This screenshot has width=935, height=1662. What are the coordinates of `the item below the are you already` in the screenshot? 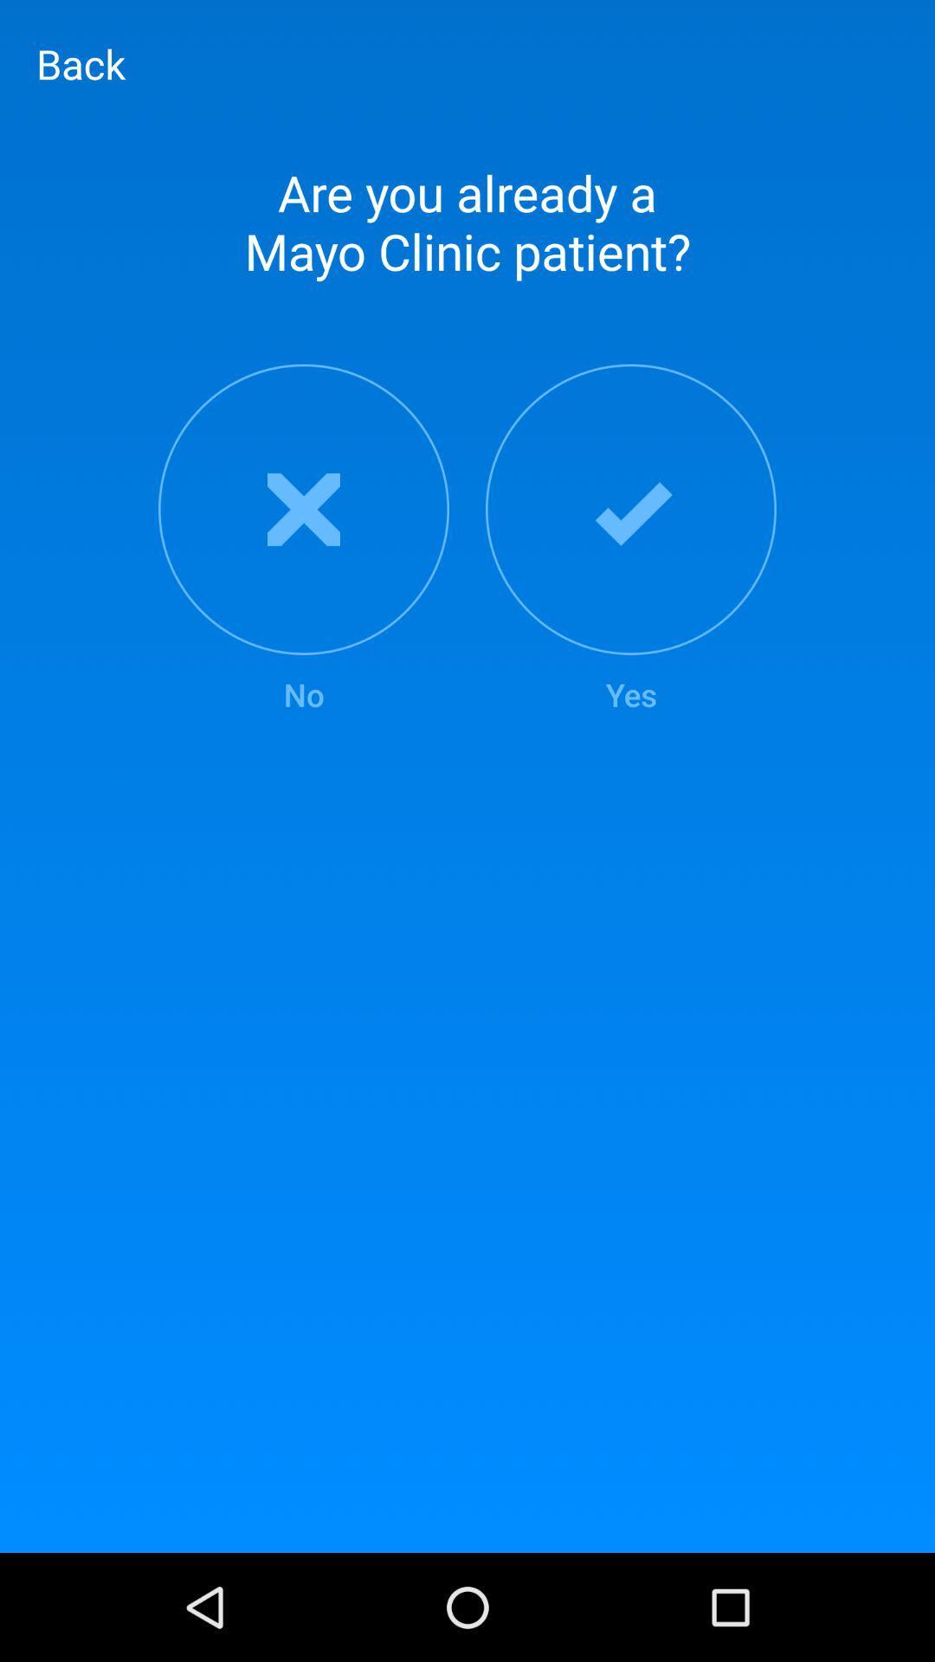 It's located at (303, 539).